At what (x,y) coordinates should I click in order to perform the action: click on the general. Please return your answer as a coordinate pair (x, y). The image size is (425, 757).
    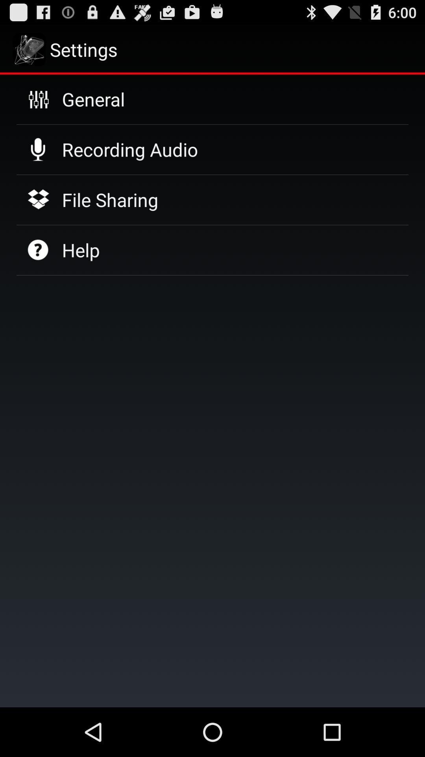
    Looking at the image, I should click on (93, 99).